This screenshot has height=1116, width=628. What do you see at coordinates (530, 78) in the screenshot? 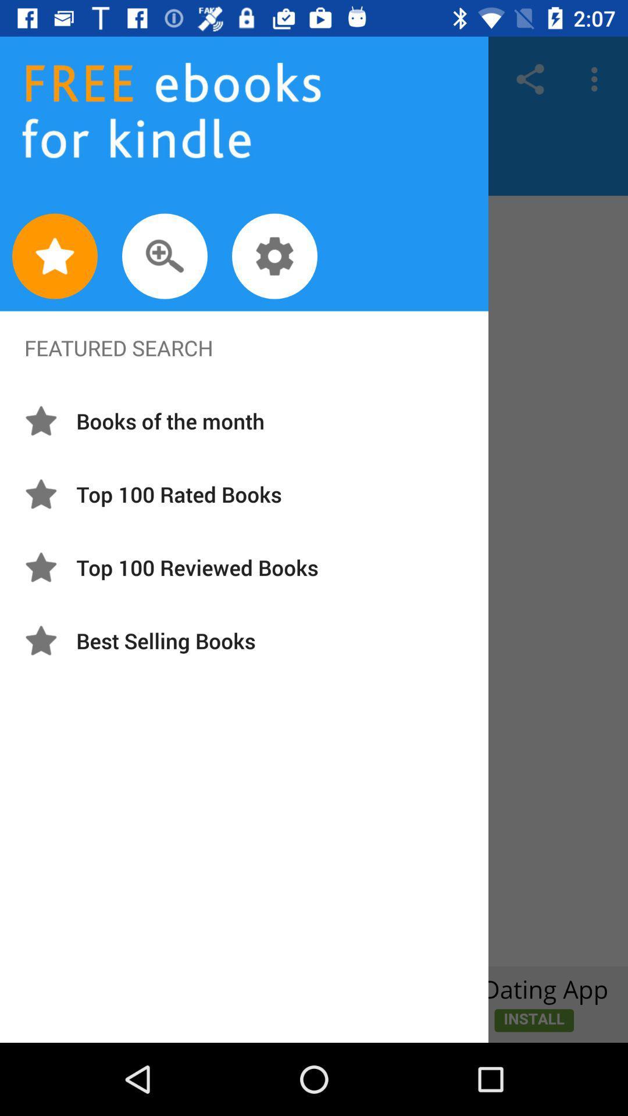
I see `the share icon` at bounding box center [530, 78].